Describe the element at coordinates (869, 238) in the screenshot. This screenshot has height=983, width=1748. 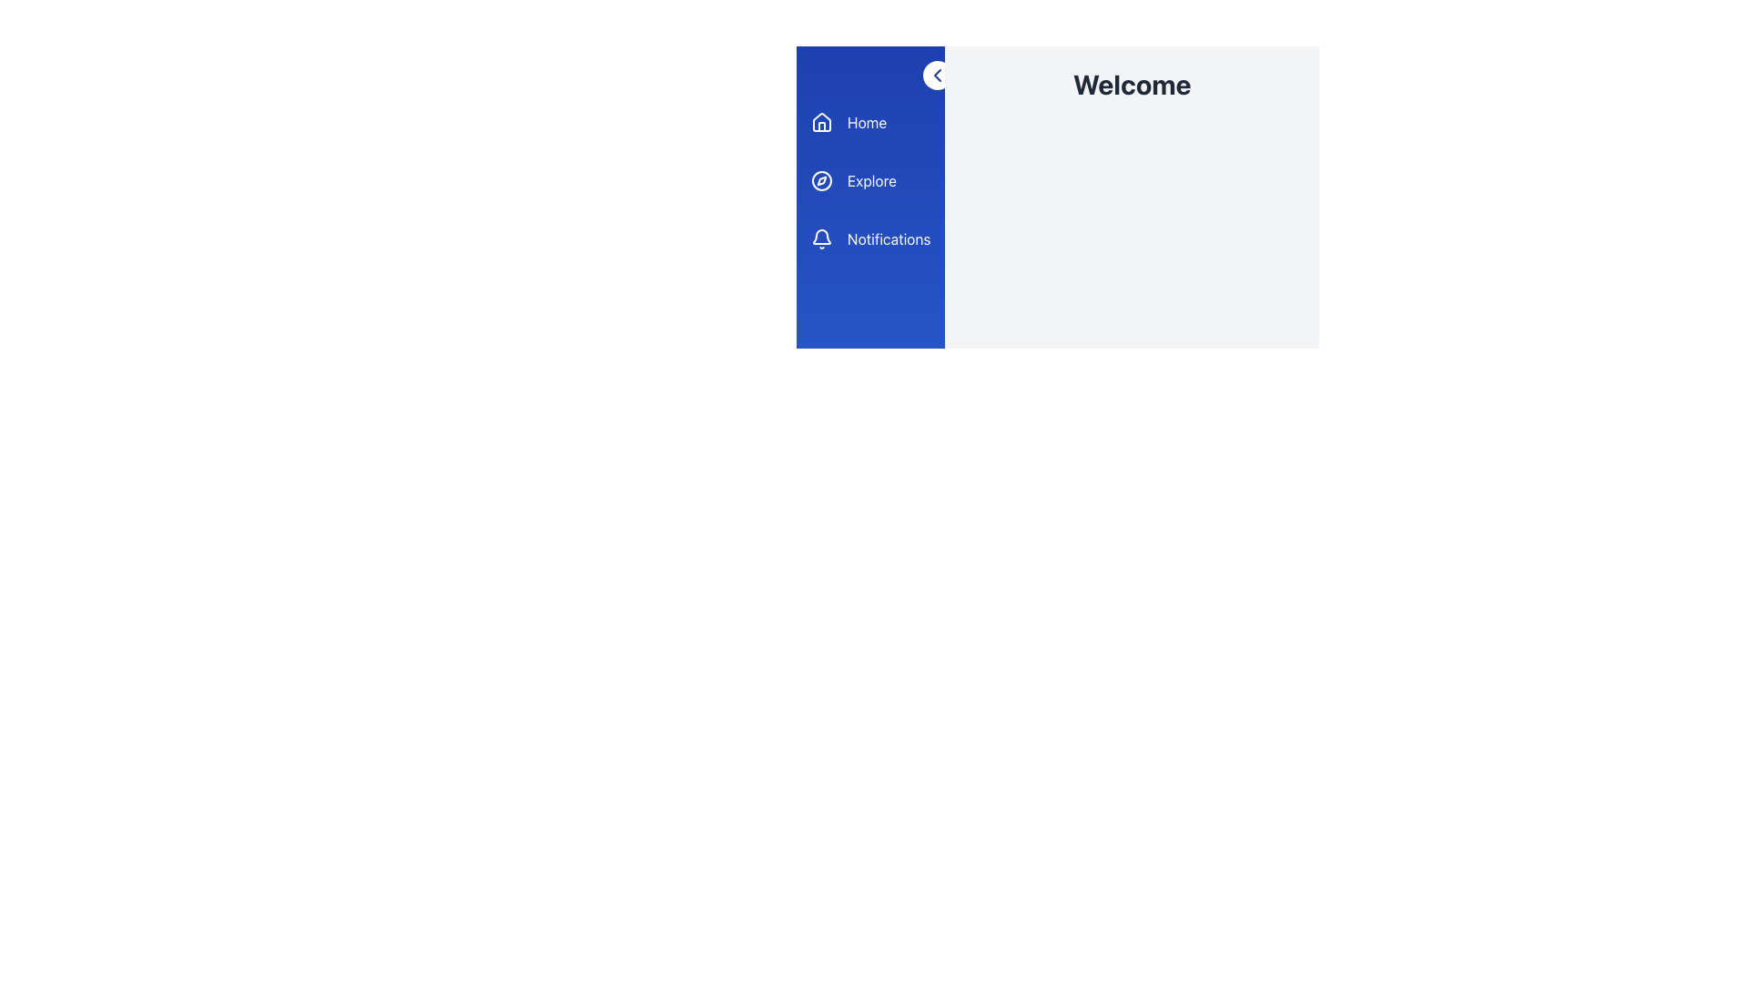
I see `the third button in the vertical navigation bar, which is designated for accessing the notifications page` at that location.